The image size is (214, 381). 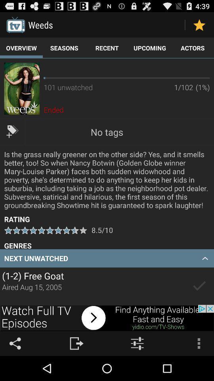 What do you see at coordinates (199, 306) in the screenshot?
I see `the check icon` at bounding box center [199, 306].